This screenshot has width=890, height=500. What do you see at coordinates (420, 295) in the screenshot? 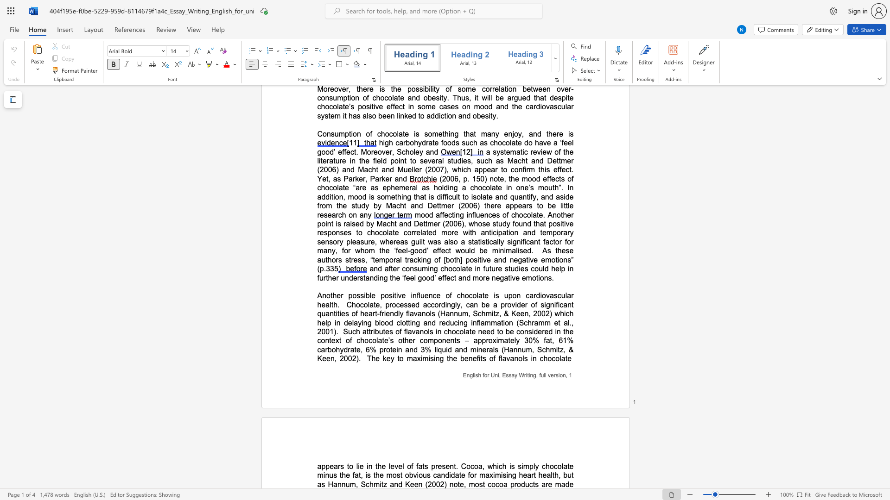
I see `the subset text "uence o" within the text "Another possible positive influence of chocolate is upon cardiovascular health"` at bounding box center [420, 295].